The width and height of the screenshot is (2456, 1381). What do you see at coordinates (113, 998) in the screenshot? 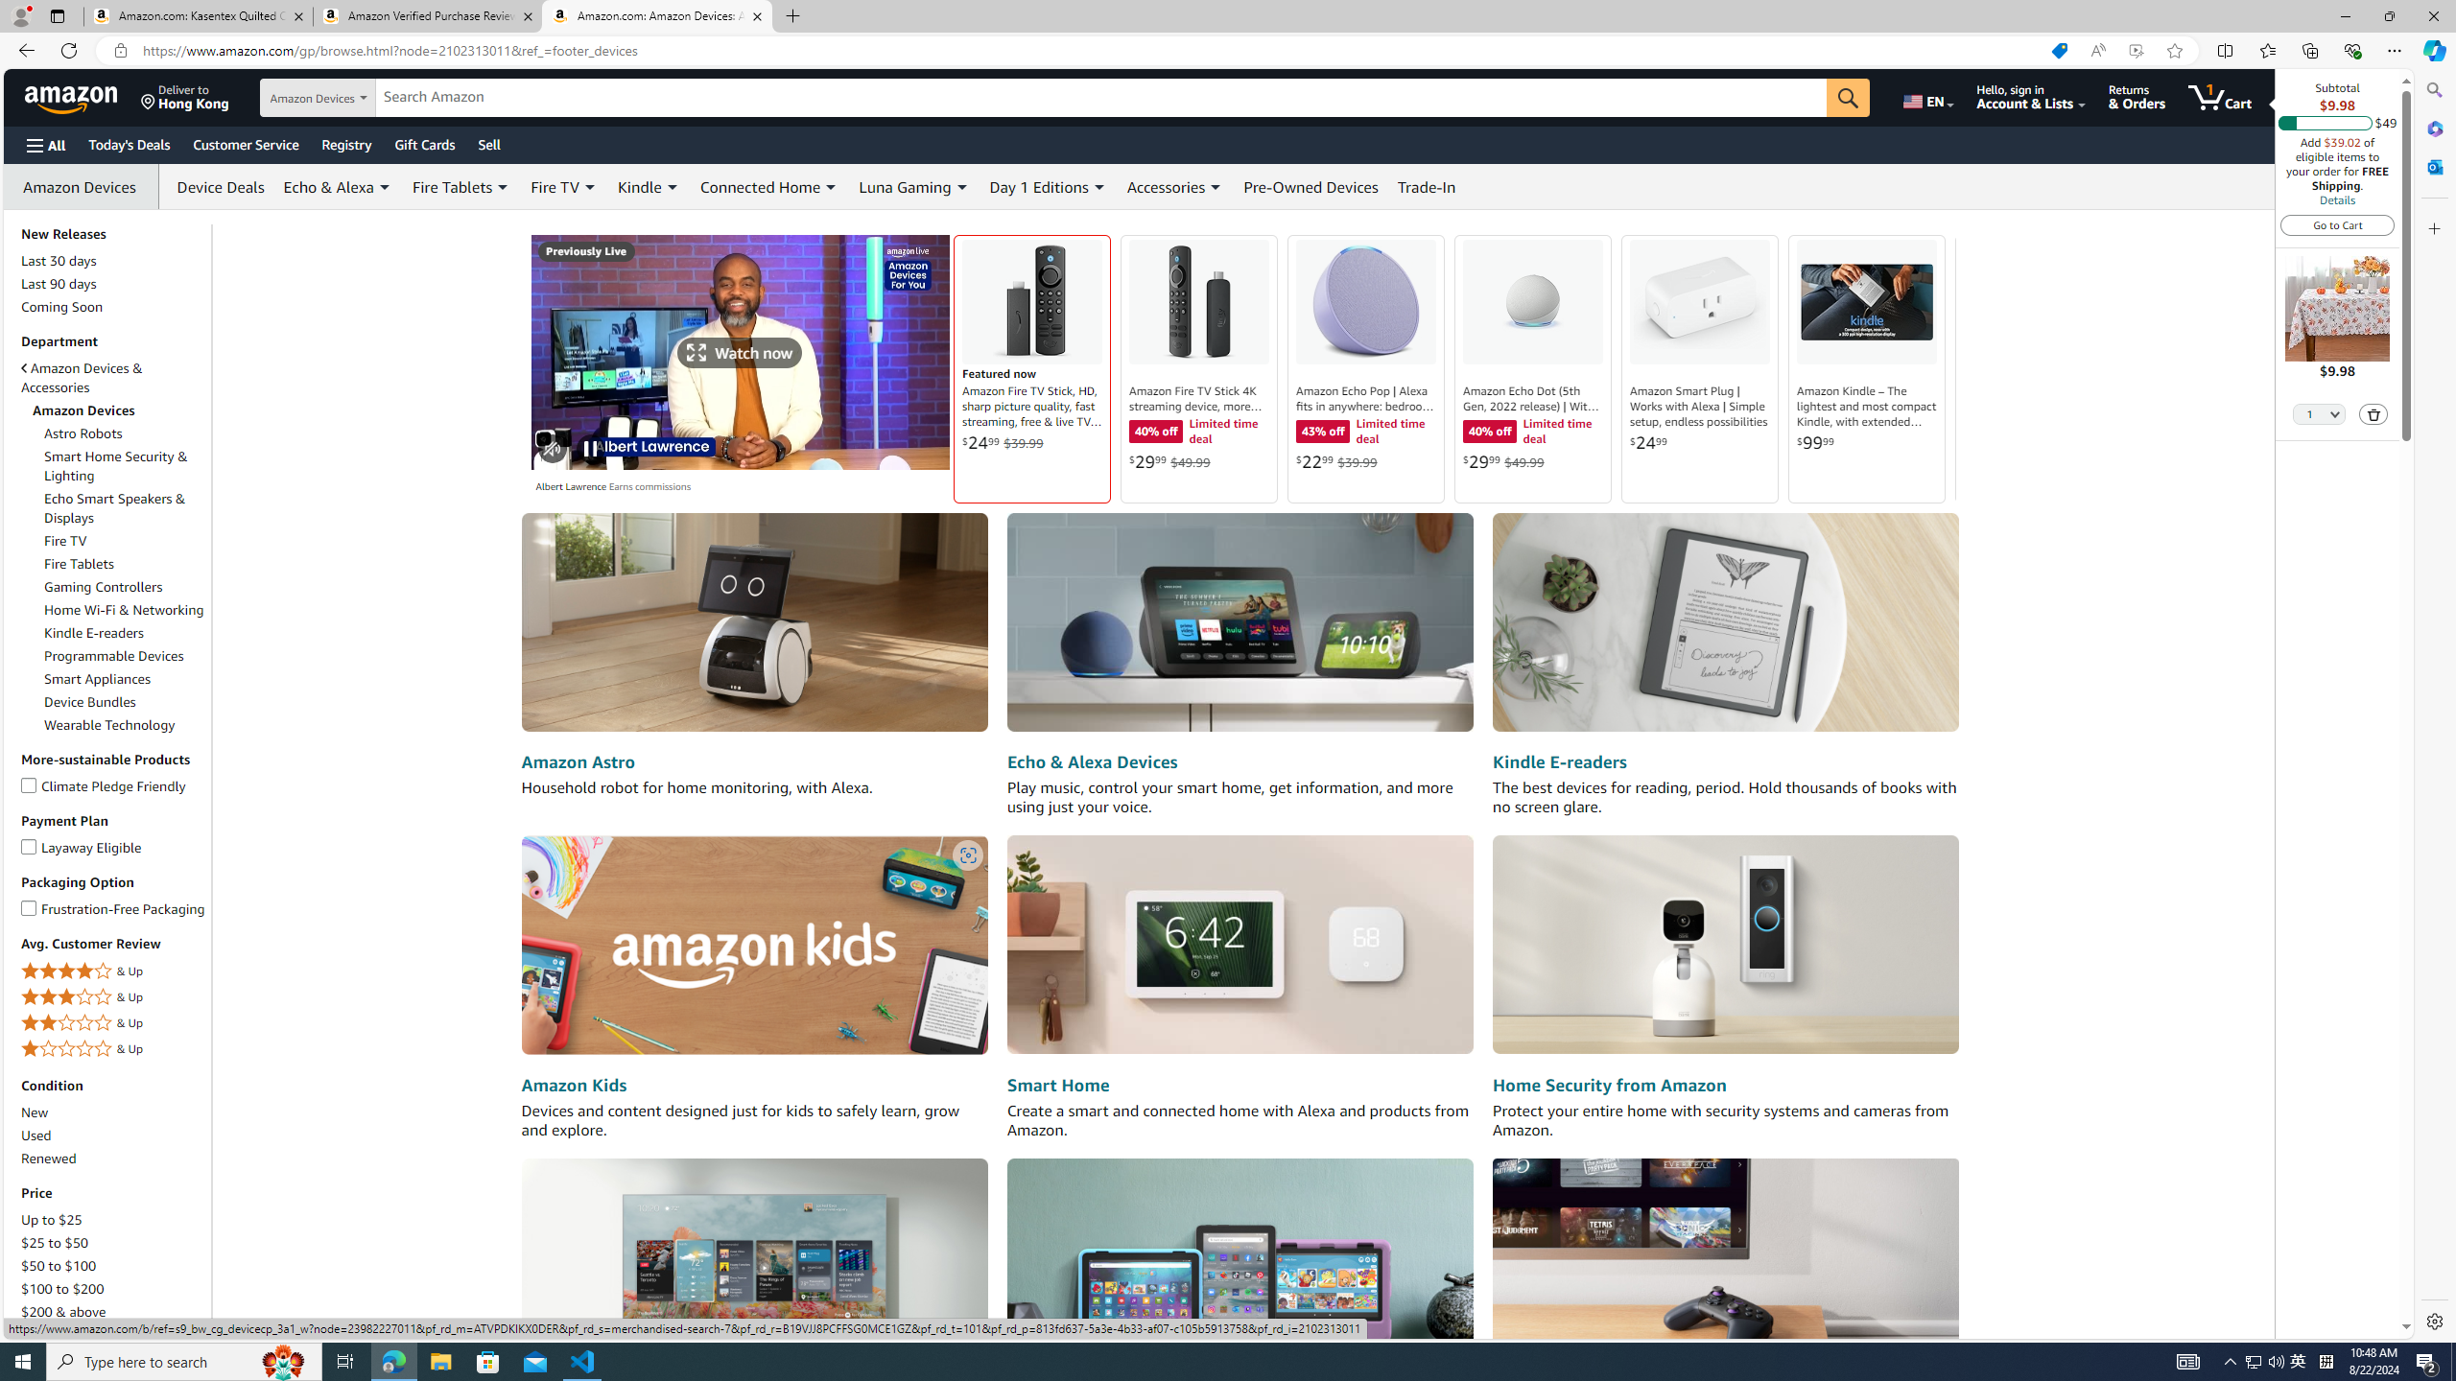
I see `'3 Stars & Up& Up'` at bounding box center [113, 998].